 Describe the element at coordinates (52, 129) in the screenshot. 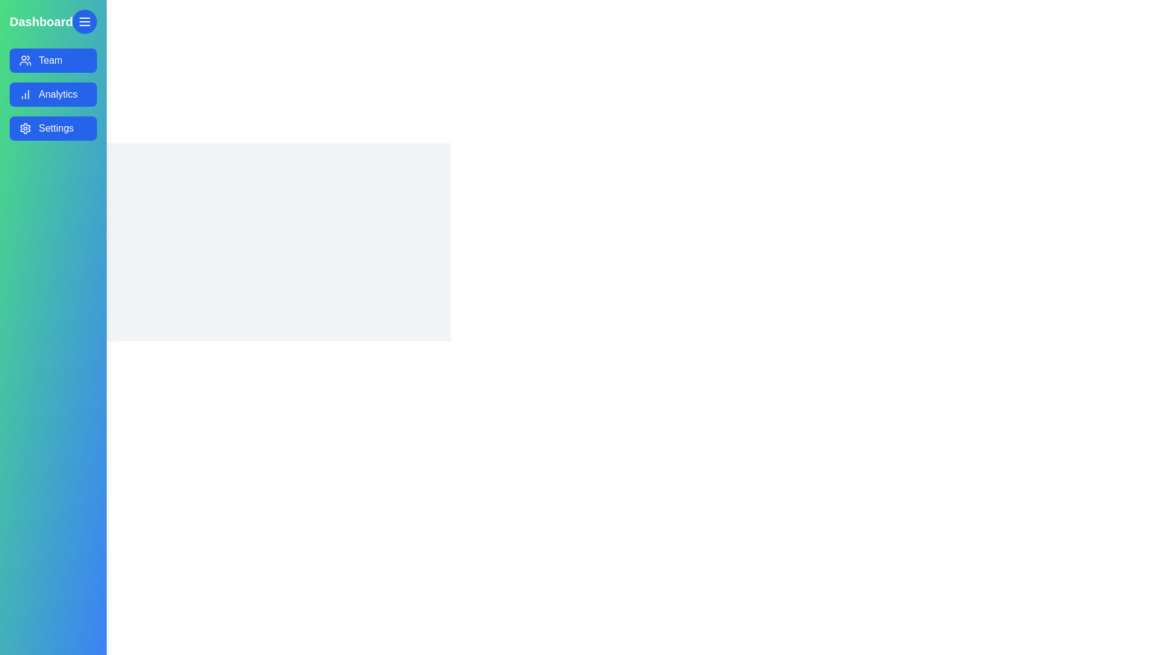

I see `the menu option Settings from the drawer` at that location.